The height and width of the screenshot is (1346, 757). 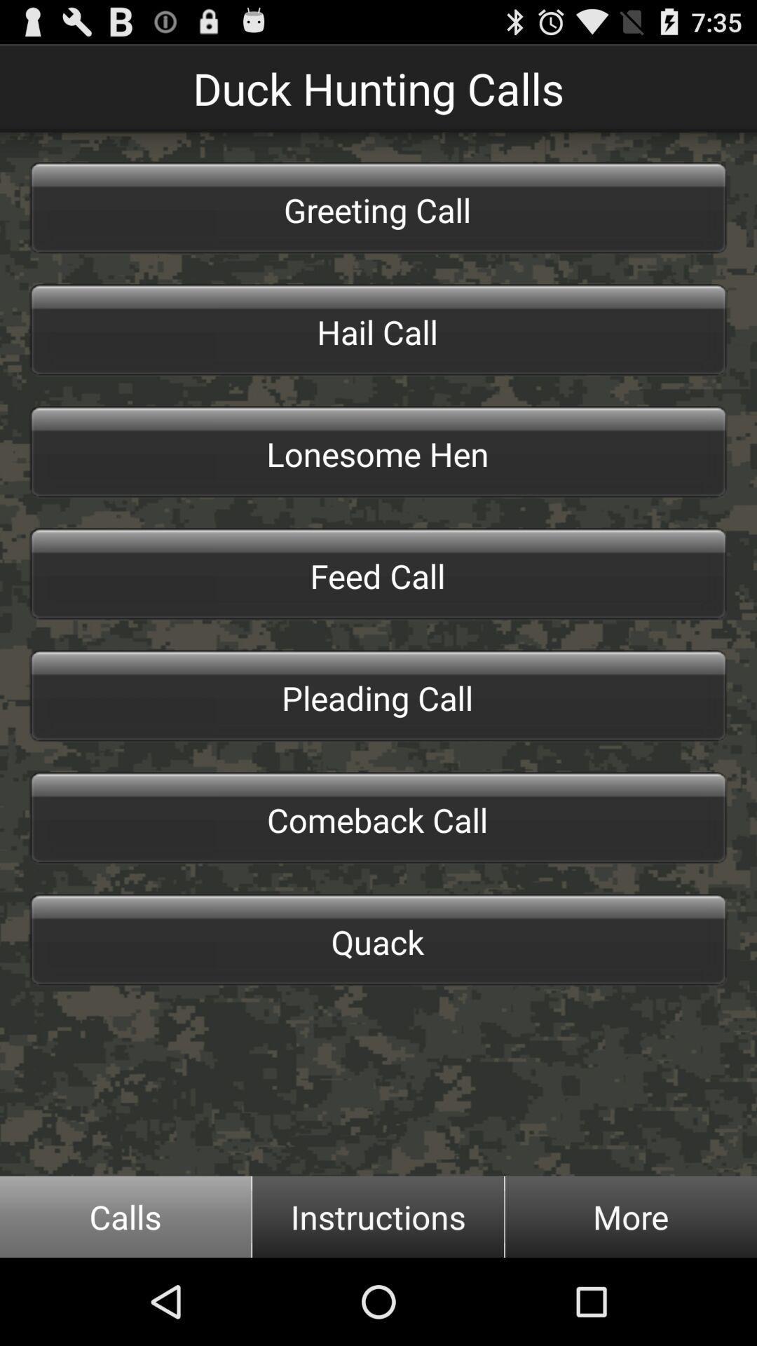 What do you see at coordinates (378, 451) in the screenshot?
I see `item below the hail call icon` at bounding box center [378, 451].